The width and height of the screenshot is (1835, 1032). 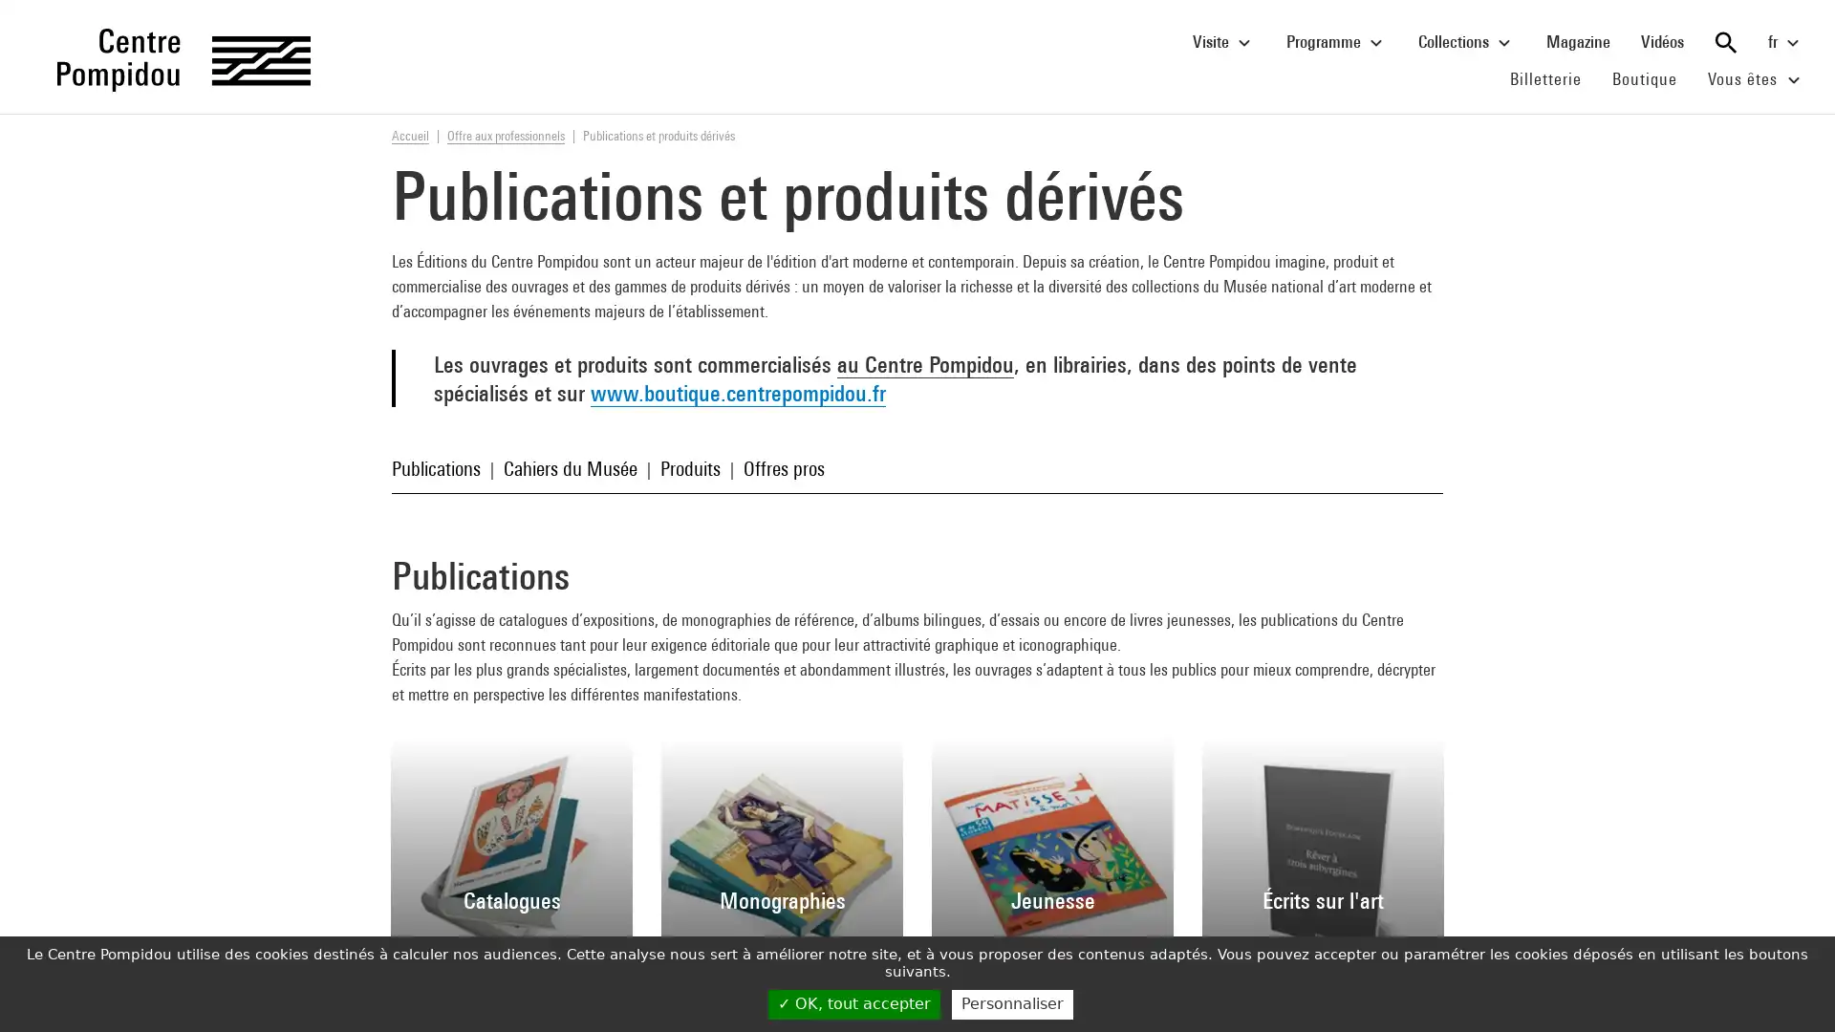 I want to click on Personnaliser, so click(x=1011, y=1003).